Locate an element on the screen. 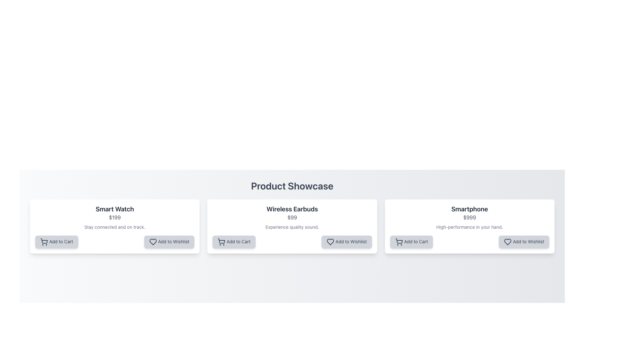 Image resolution: width=619 pixels, height=348 pixels. the text label displaying the product name 'Smartphone' located in the rightmost product card, positioned above the price caption is located at coordinates (469, 209).